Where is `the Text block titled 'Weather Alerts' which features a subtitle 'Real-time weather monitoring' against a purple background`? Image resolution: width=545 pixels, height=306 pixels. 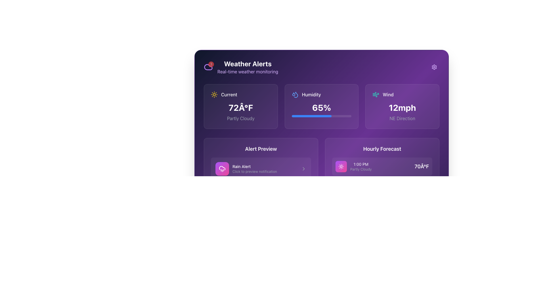 the Text block titled 'Weather Alerts' which features a subtitle 'Real-time weather monitoring' against a purple background is located at coordinates (248, 67).